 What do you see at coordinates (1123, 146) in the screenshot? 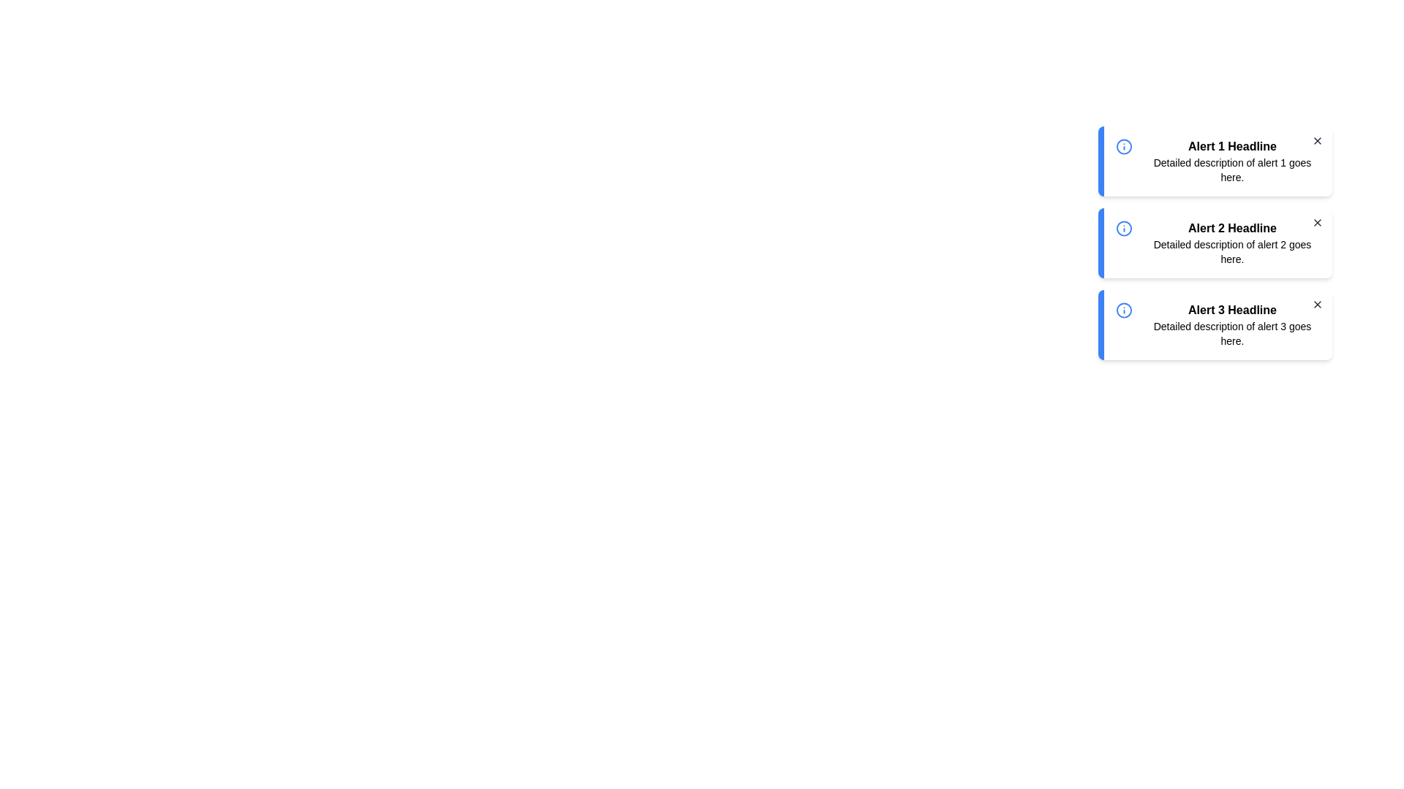
I see `the 'Info' icon of the first alert` at bounding box center [1123, 146].